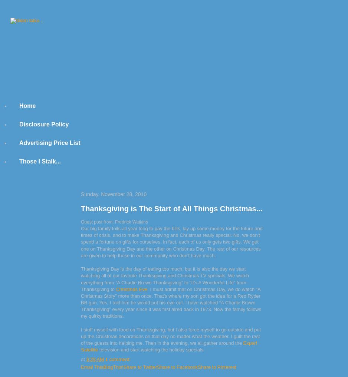  Describe the element at coordinates (94, 359) in the screenshot. I see `'9:29 AM'` at that location.